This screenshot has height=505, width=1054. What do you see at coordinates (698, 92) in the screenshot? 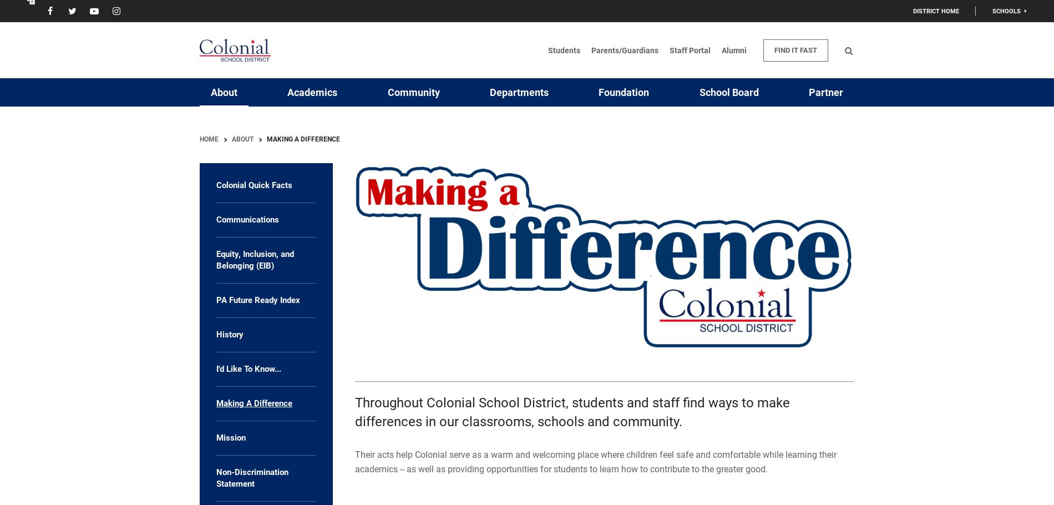
I see `'School Board'` at bounding box center [698, 92].